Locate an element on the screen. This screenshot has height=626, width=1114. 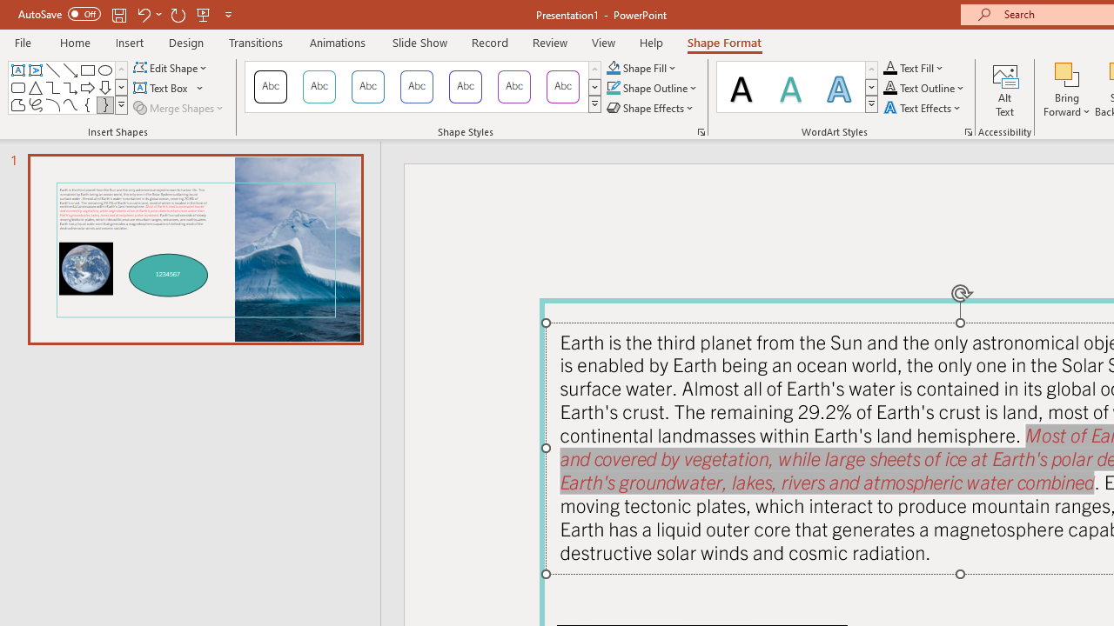
'View' is located at coordinates (603, 42).